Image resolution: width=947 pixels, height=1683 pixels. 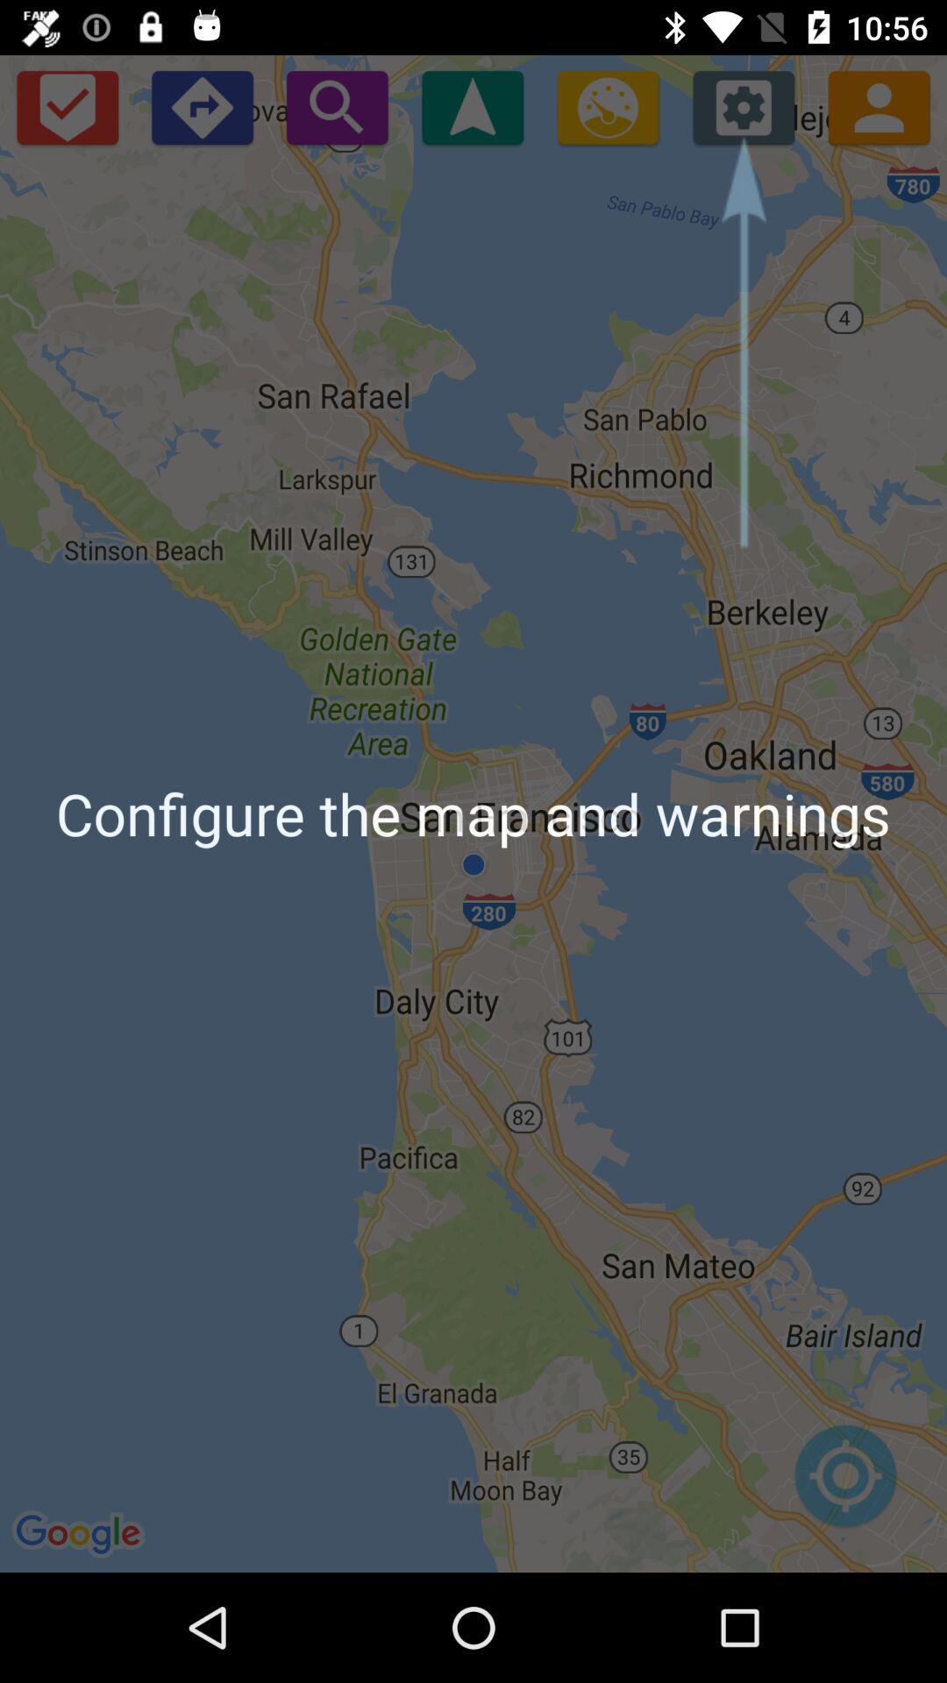 What do you see at coordinates (844, 1484) in the screenshot?
I see `jump to current location on the map` at bounding box center [844, 1484].